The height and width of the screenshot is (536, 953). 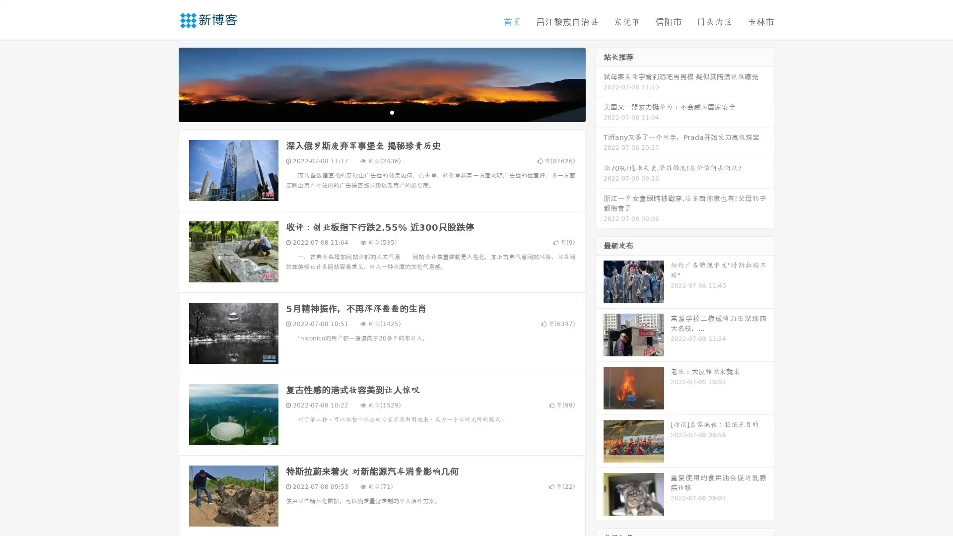 I want to click on Next slide, so click(x=600, y=83).